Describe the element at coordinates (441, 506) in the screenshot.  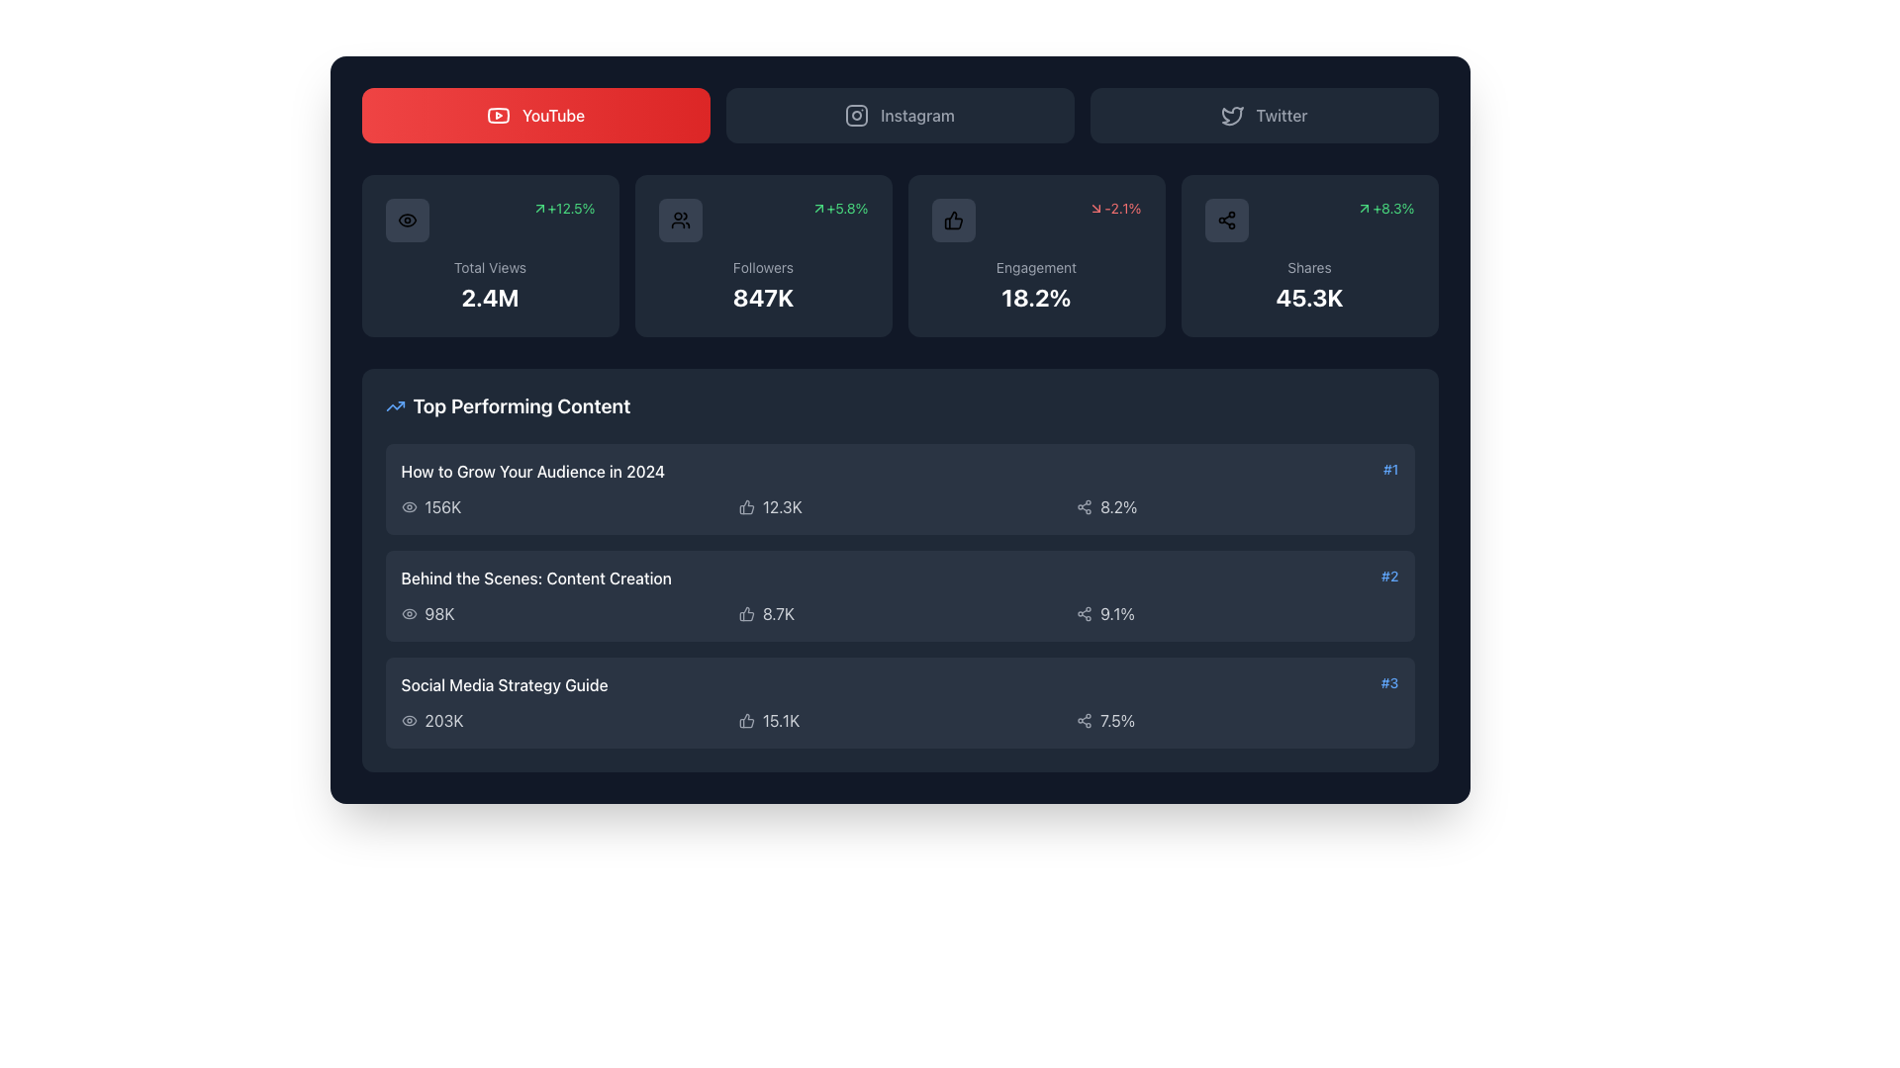
I see `the text label displaying '156K' in light gray font, located to the right of the eye-shaped icon in the 'Top Performing Content' section` at that location.